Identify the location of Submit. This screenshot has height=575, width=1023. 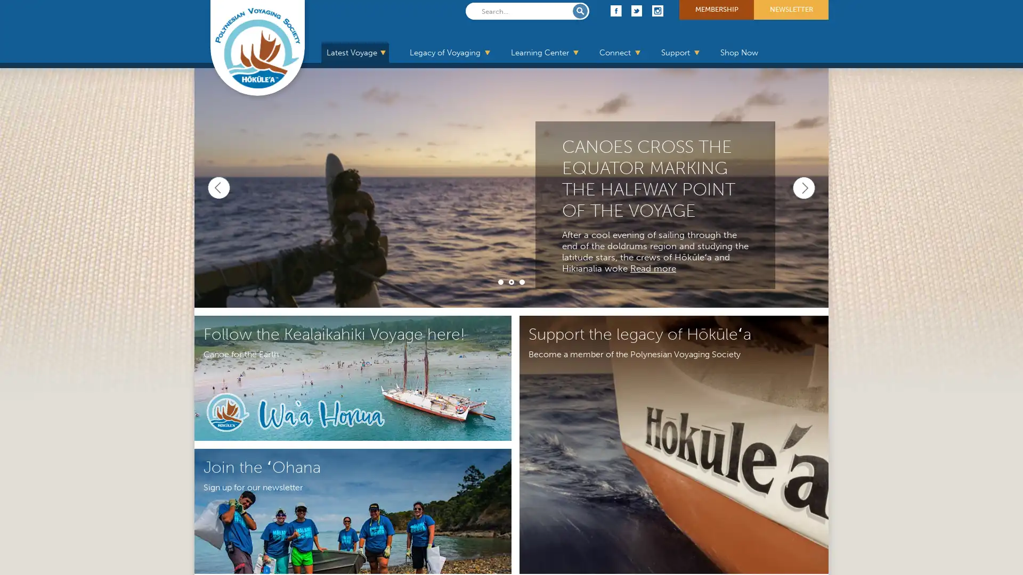
(580, 11).